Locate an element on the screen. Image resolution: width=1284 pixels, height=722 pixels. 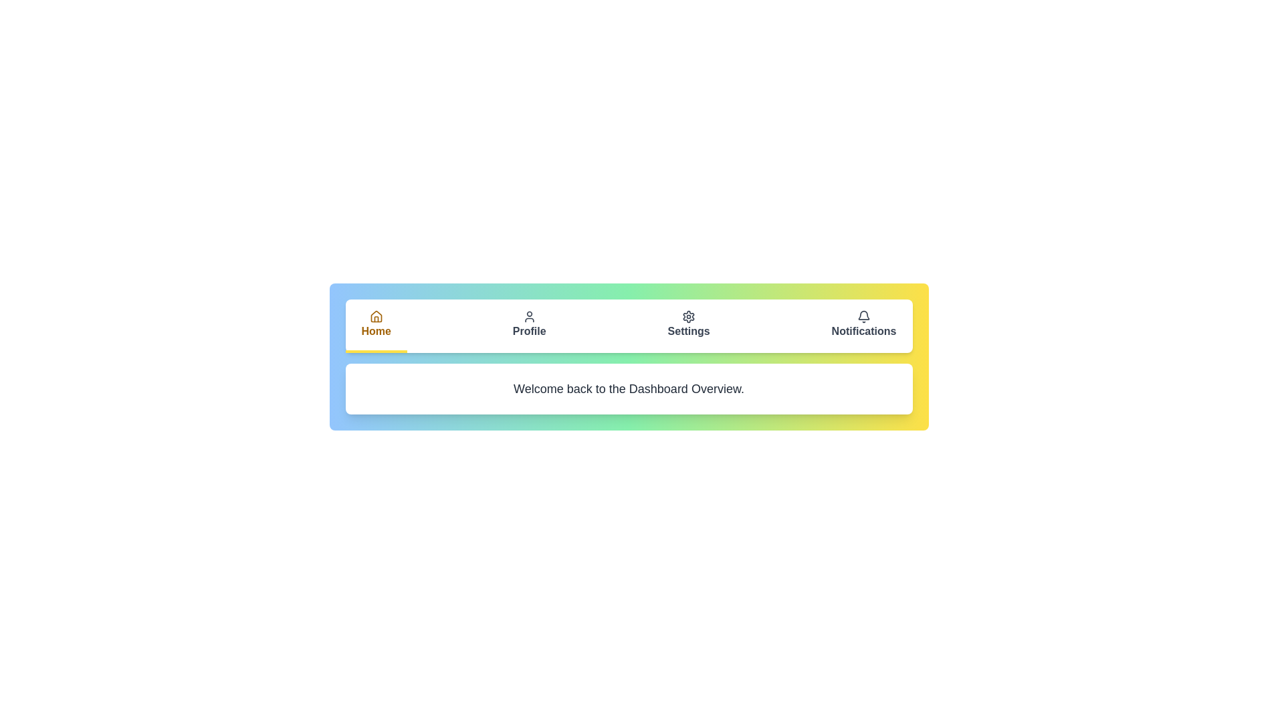
the settings navigation label, which is the third item in the navigation bar is located at coordinates (689, 331).